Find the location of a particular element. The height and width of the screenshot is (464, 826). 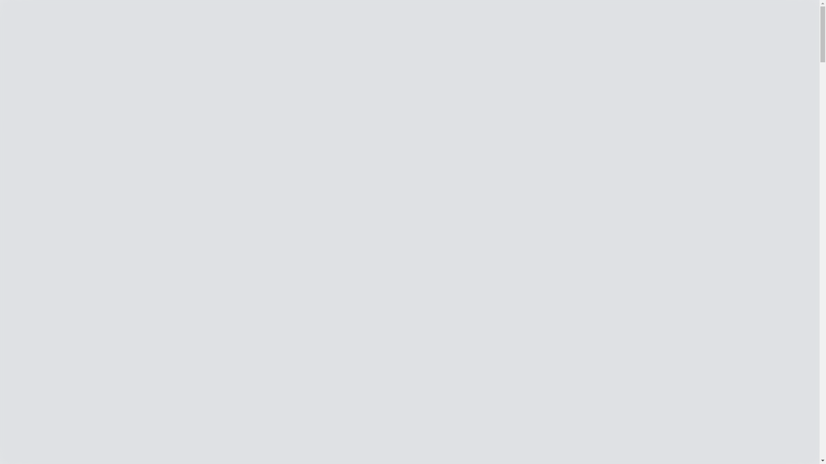

'Food' is located at coordinates (44, 263).